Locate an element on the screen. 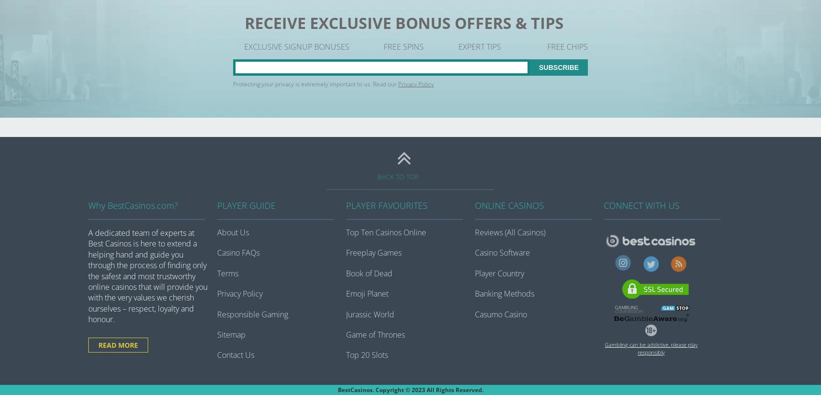 Image resolution: width=821 pixels, height=395 pixels. 'Emoji Planet' is located at coordinates (367, 293).